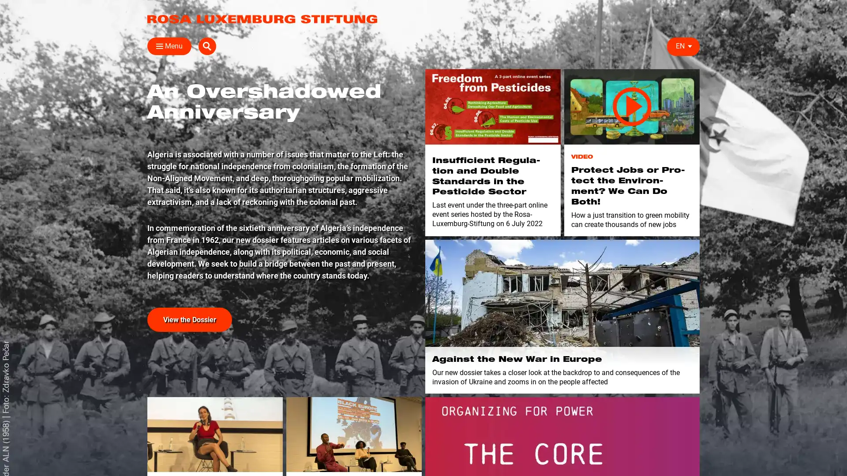 Image resolution: width=847 pixels, height=476 pixels. Describe the element at coordinates (143, 132) in the screenshot. I see `Show more / less` at that location.